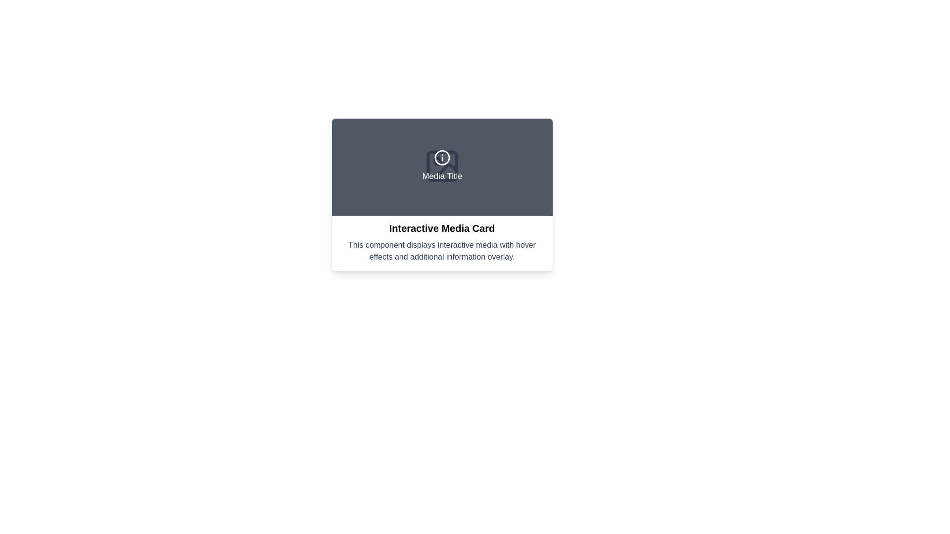  What do you see at coordinates (441, 165) in the screenshot?
I see `the media placeholder icon located in the central area of the card header section` at bounding box center [441, 165].